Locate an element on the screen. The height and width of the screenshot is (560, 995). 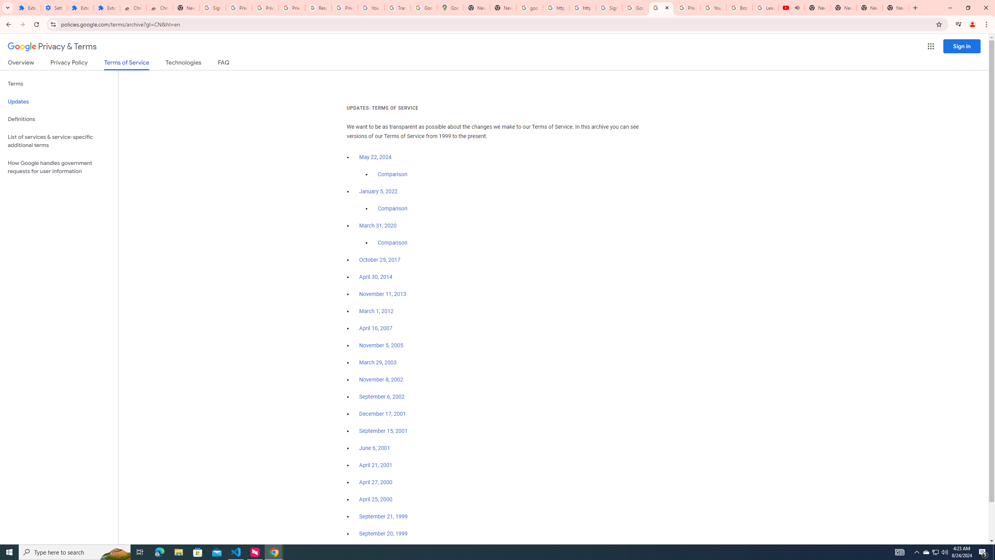
'Google Maps' is located at coordinates (450, 7).